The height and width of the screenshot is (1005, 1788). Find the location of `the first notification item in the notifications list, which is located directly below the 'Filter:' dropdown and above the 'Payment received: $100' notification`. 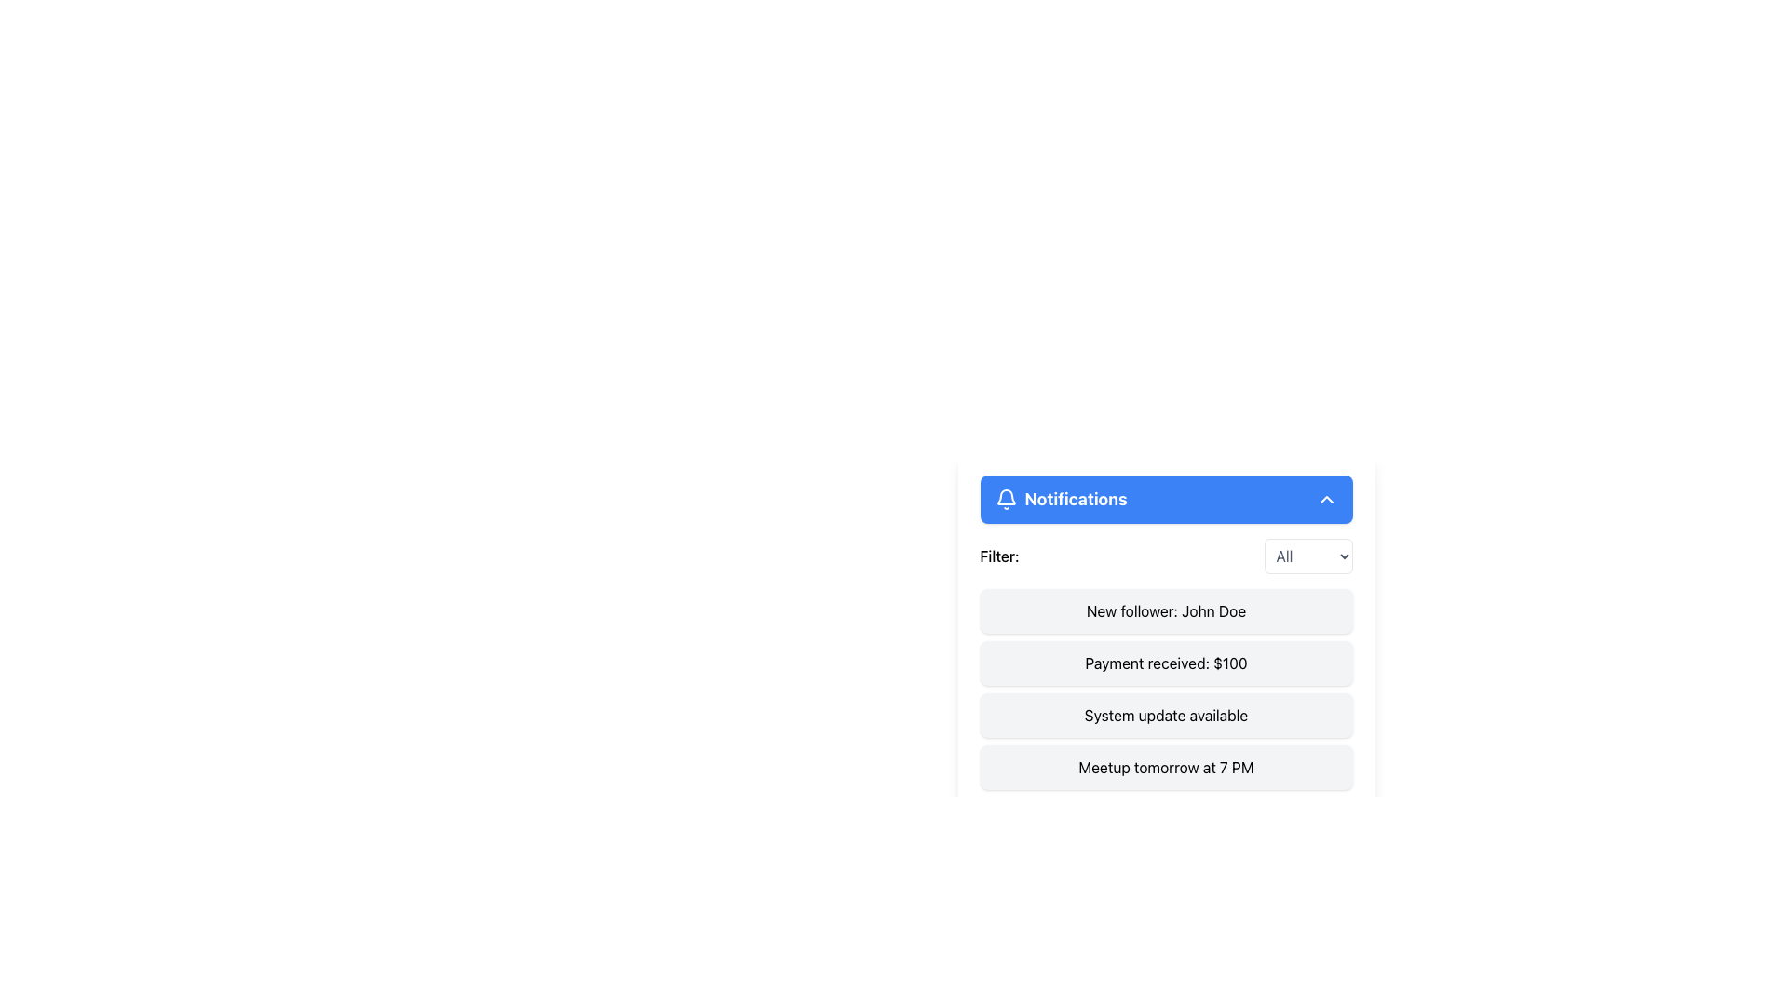

the first notification item in the notifications list, which is located directly below the 'Filter:' dropdown and above the 'Payment received: $100' notification is located at coordinates (1165, 631).